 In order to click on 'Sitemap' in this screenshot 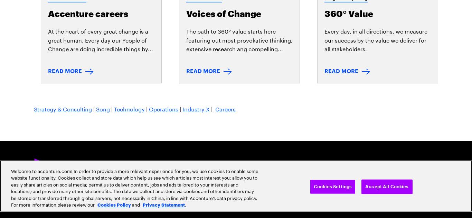, I will do `click(234, 116)`.